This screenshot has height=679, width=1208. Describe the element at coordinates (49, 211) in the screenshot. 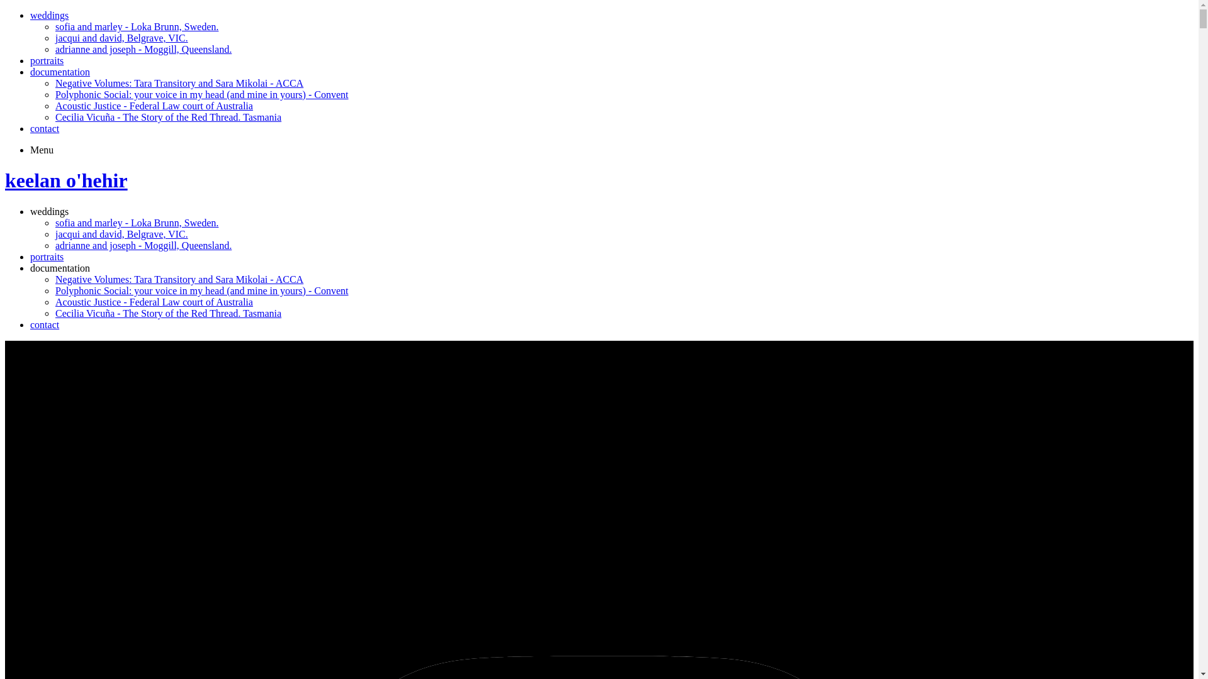

I see `'weddings'` at that location.